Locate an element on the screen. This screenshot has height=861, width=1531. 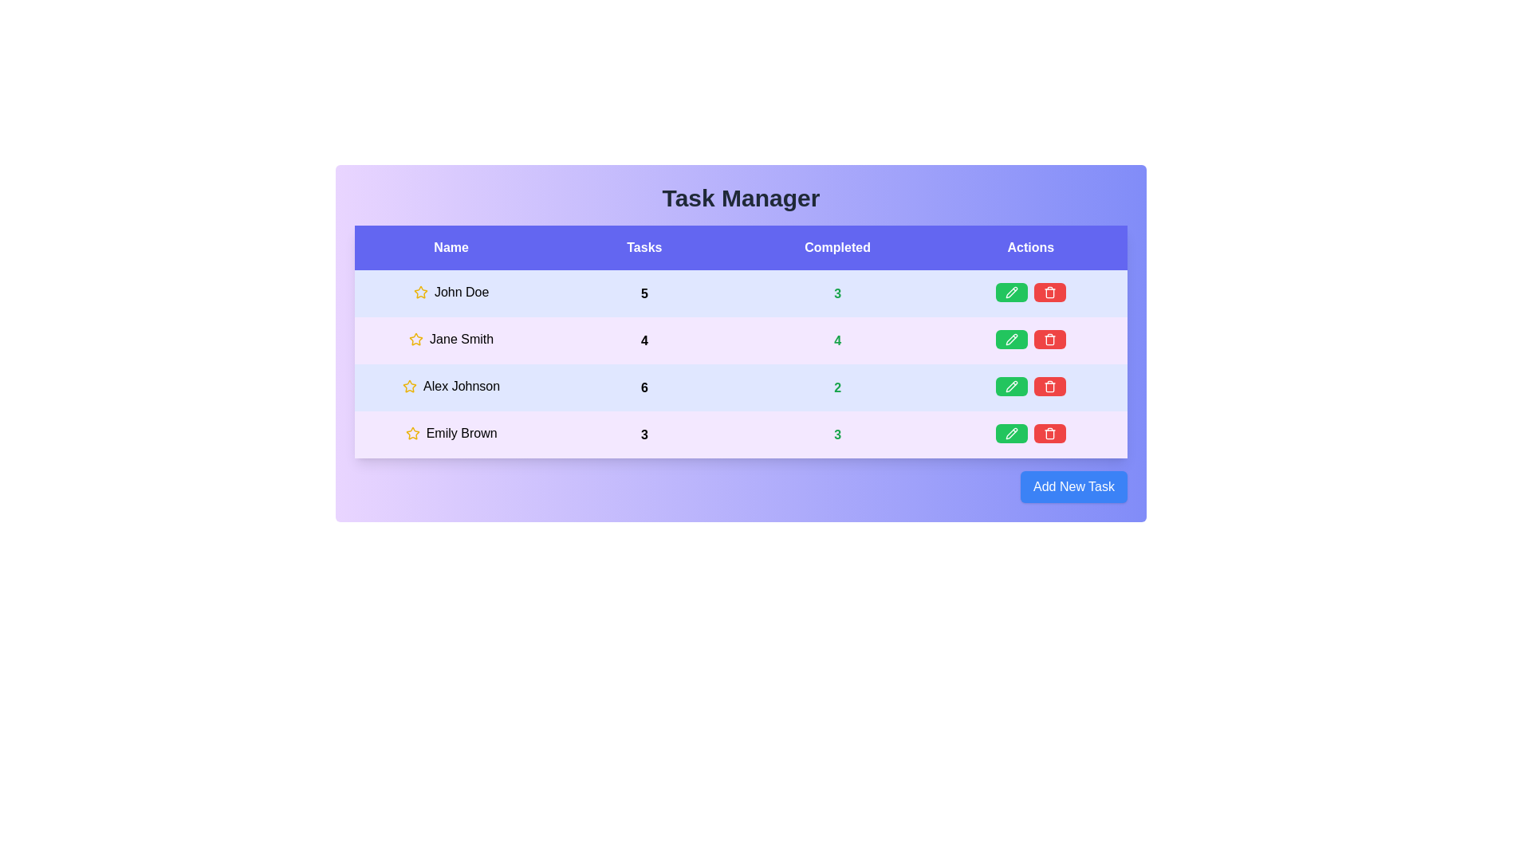
red trash icon to delete the task for John Doe is located at coordinates (1049, 292).